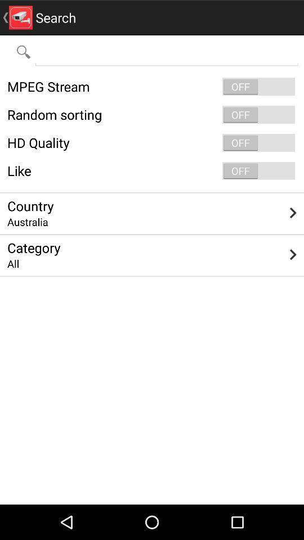 The width and height of the screenshot is (304, 540). Describe the element at coordinates (166, 51) in the screenshot. I see `item above mpeg stream item` at that location.